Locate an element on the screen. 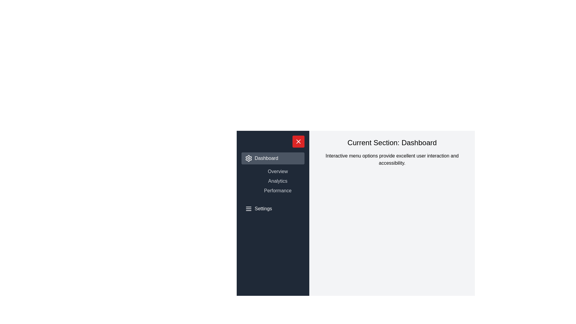 This screenshot has height=324, width=576. the 'Overview' navigation item located in the sidebar under the 'Dashboard' expandable menu is located at coordinates (273, 174).